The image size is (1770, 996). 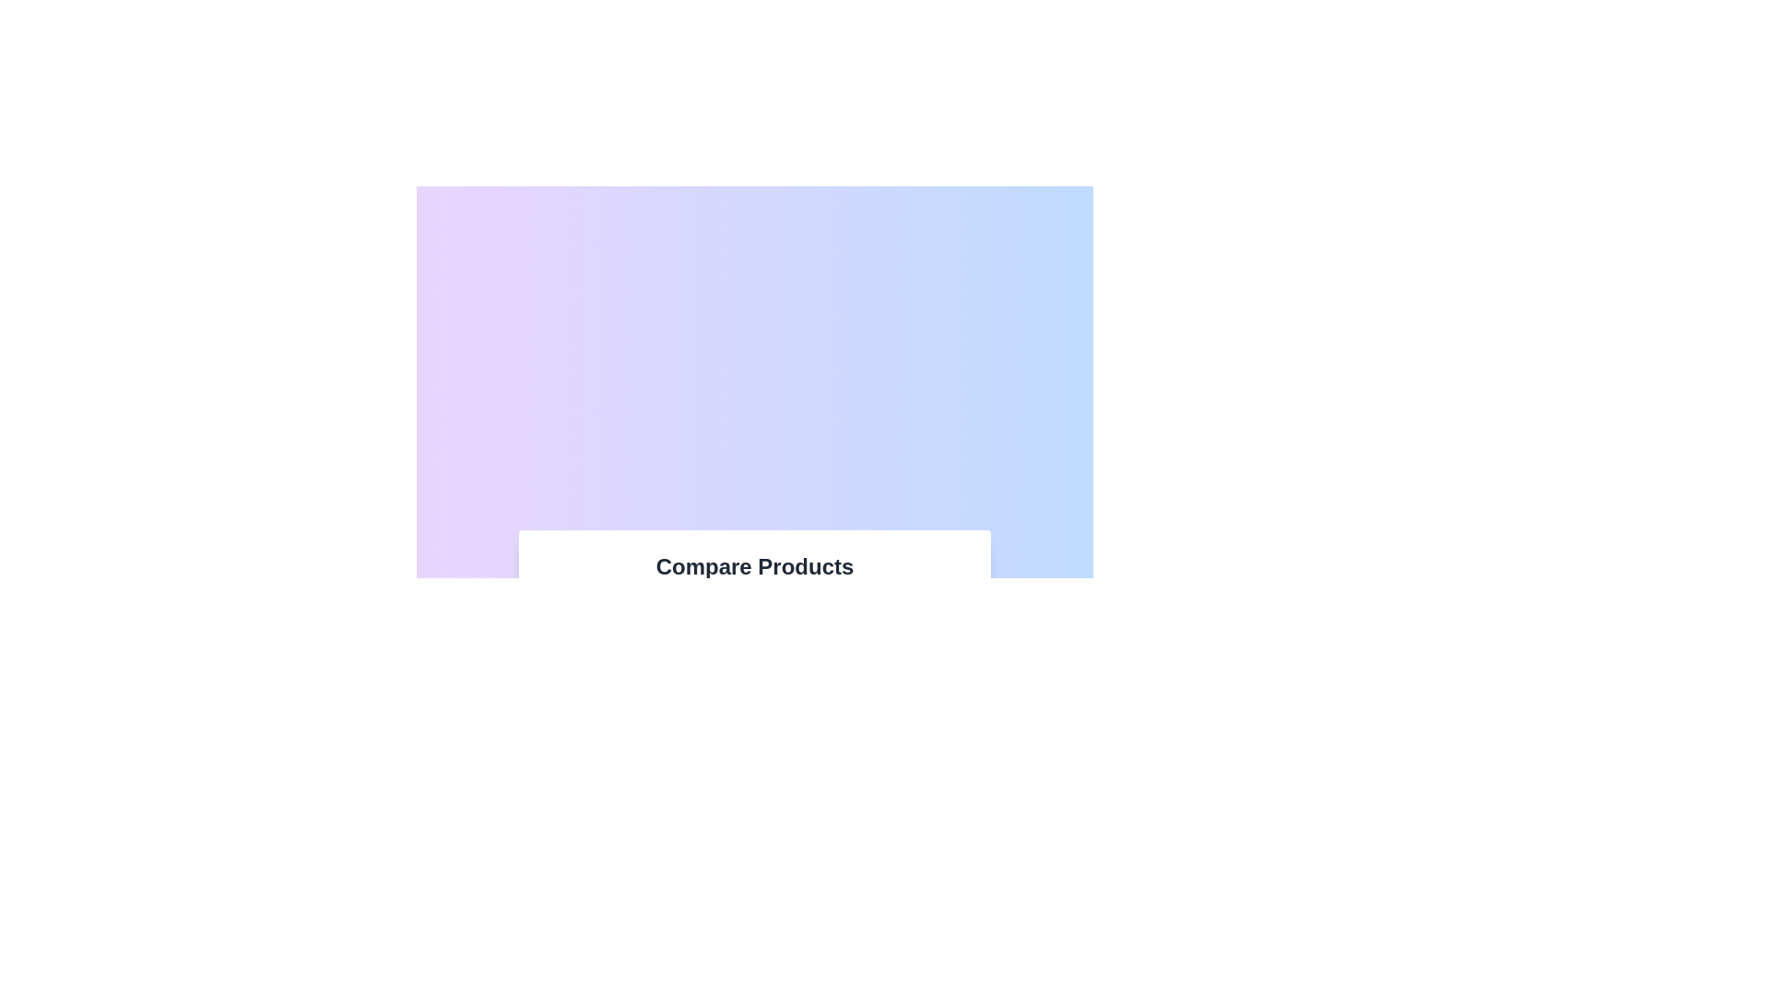 I want to click on the 'Compare Products' text block located at the top-center of the card-like area, which displays two lines of text, the first being bold and larger, and the second smaller and lighter, instructing to hover over items for details, so click(x=755, y=575).